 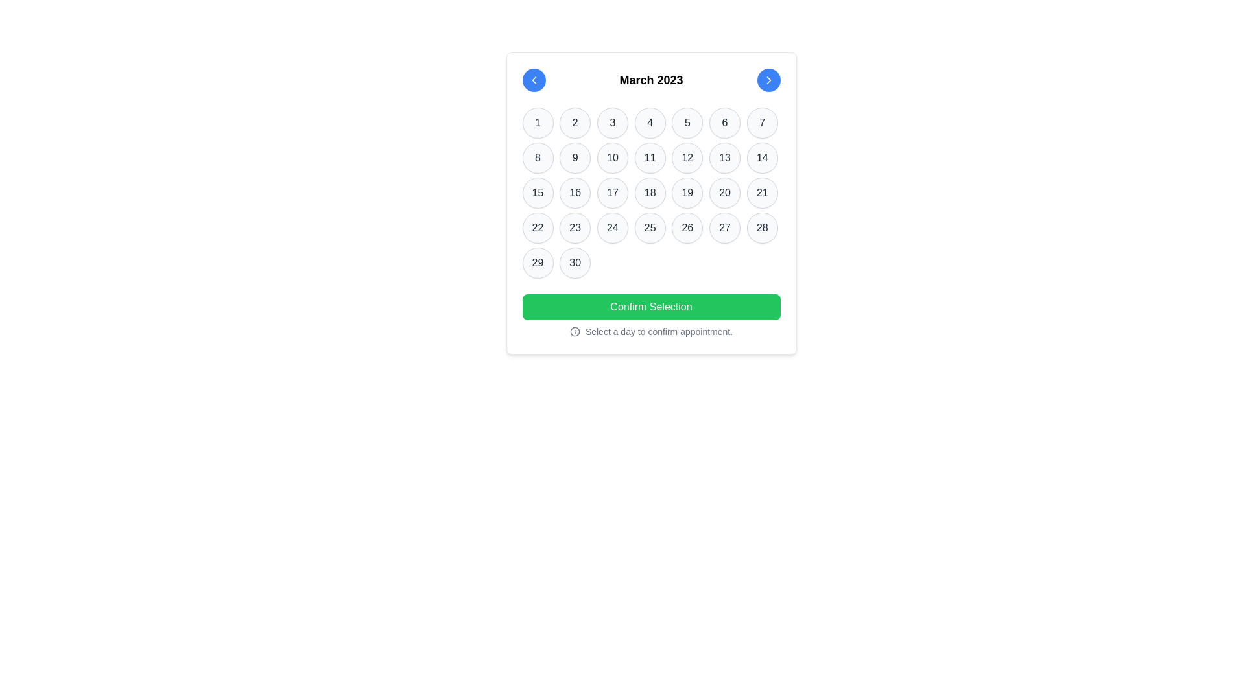 I want to click on the circular button with a white background and gray border containing the text '5', so click(x=687, y=122).